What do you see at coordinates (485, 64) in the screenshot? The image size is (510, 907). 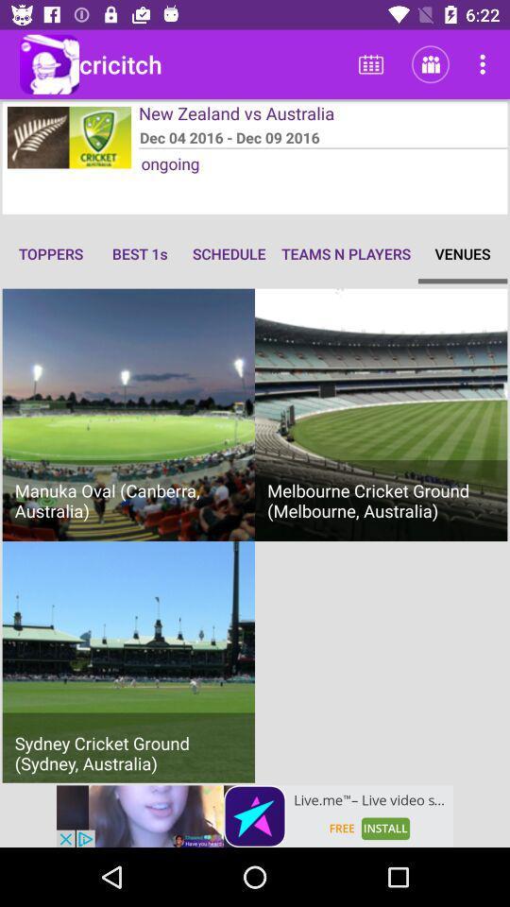 I see `suggestion icon at top right corner` at bounding box center [485, 64].